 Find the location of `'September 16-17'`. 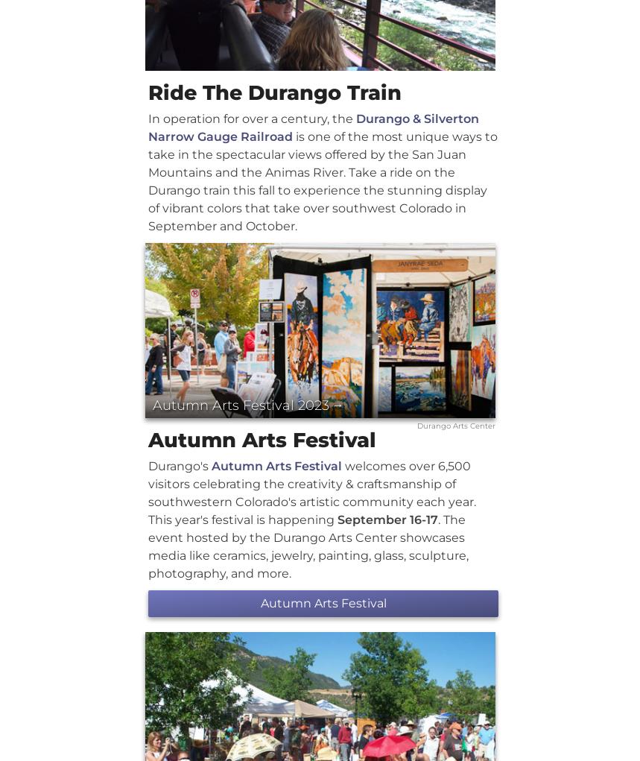

'September 16-17' is located at coordinates (387, 519).